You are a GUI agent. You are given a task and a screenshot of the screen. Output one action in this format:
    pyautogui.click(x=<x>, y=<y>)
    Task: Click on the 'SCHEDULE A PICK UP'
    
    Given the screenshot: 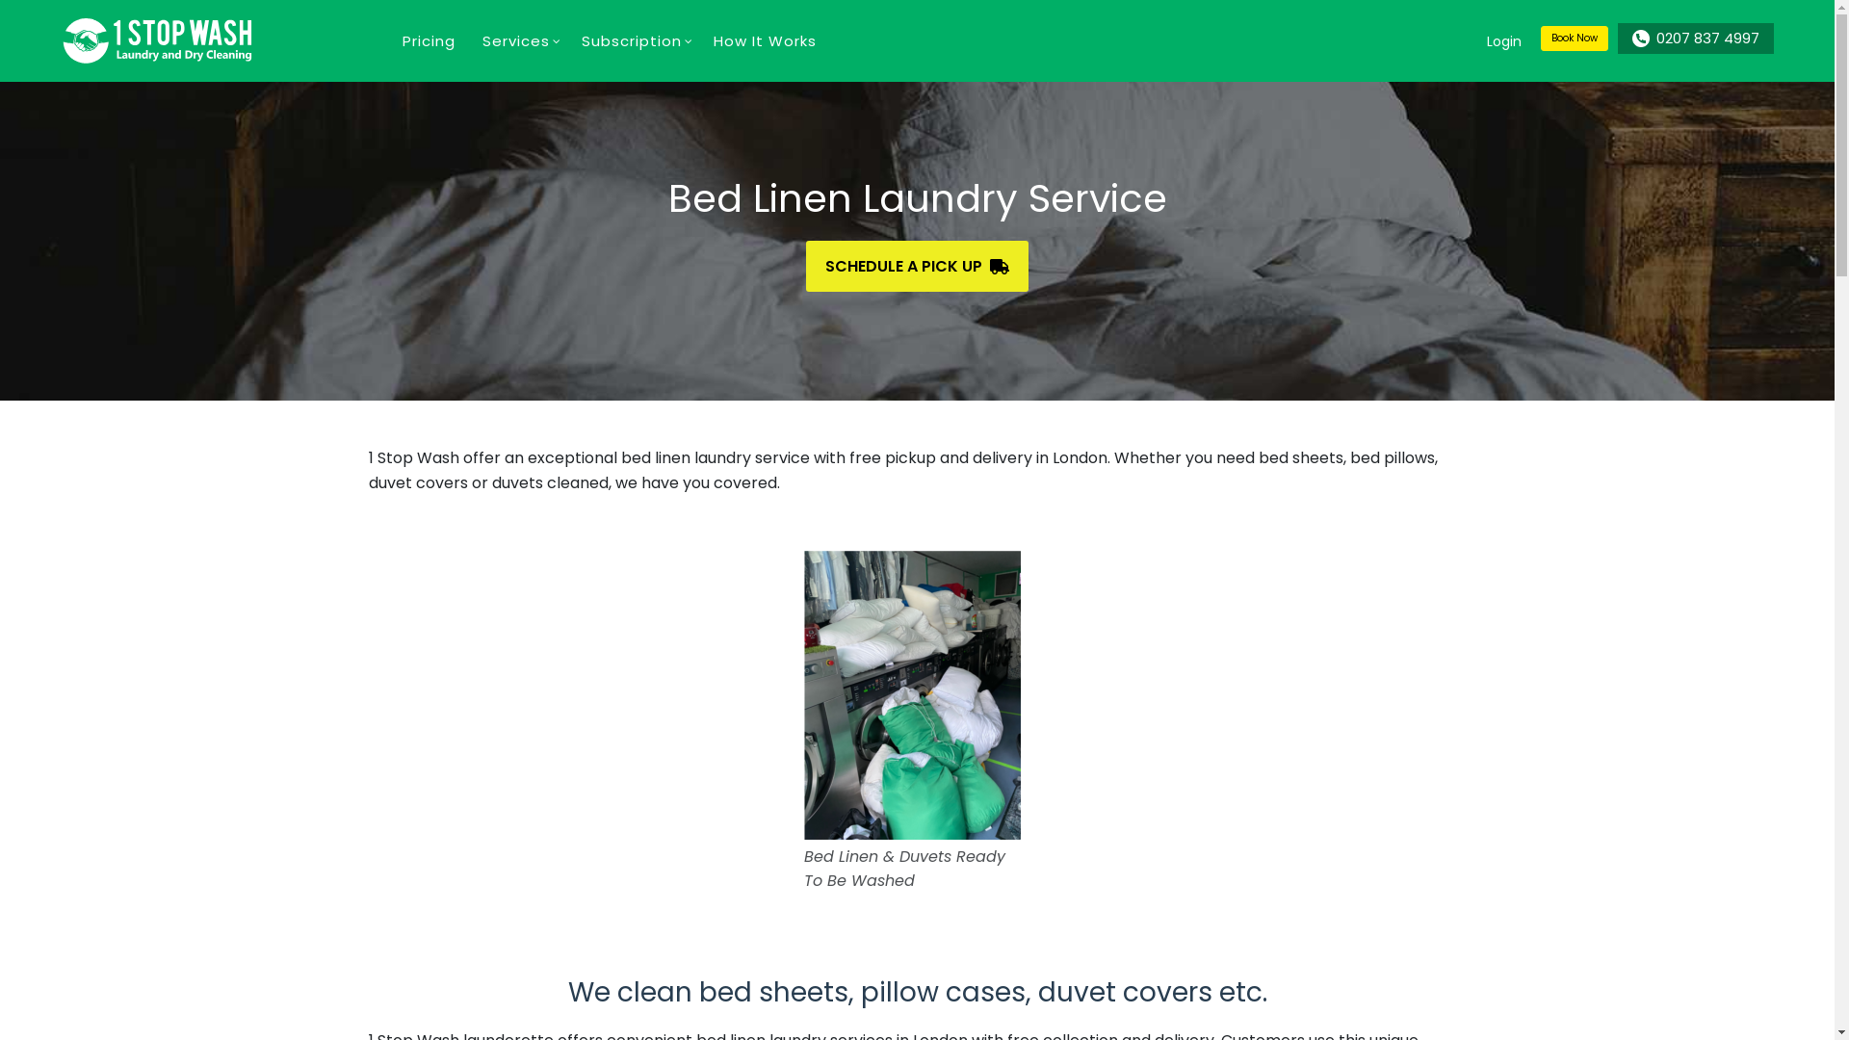 What is the action you would take?
    pyautogui.click(x=916, y=266)
    